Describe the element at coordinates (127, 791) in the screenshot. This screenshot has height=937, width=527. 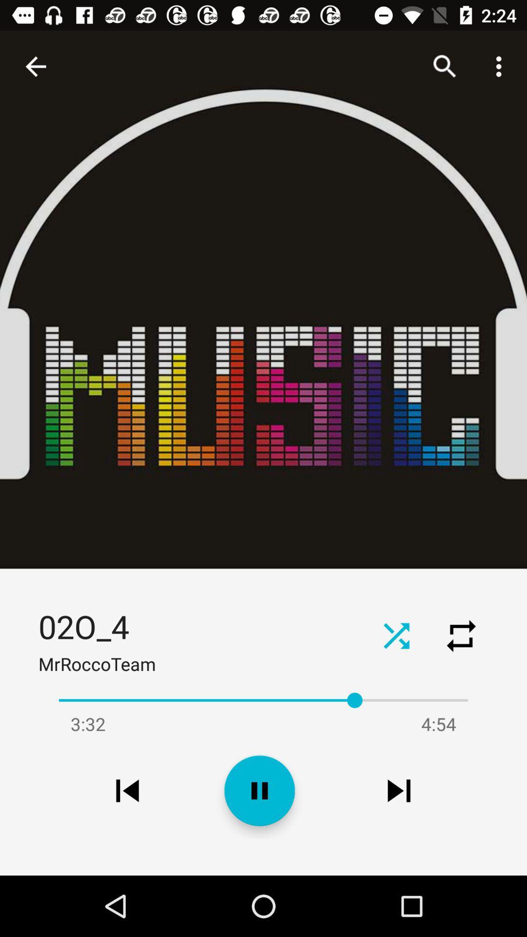
I see `icon below the 3:33 icon` at that location.